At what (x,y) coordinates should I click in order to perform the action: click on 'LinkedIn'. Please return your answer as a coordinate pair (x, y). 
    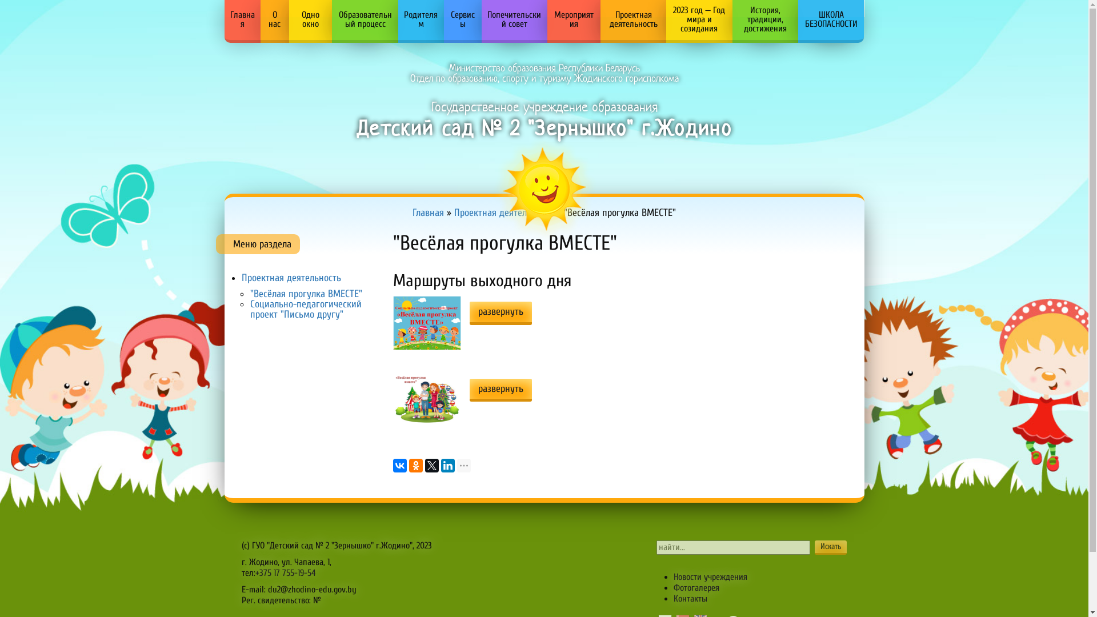
    Looking at the image, I should click on (447, 465).